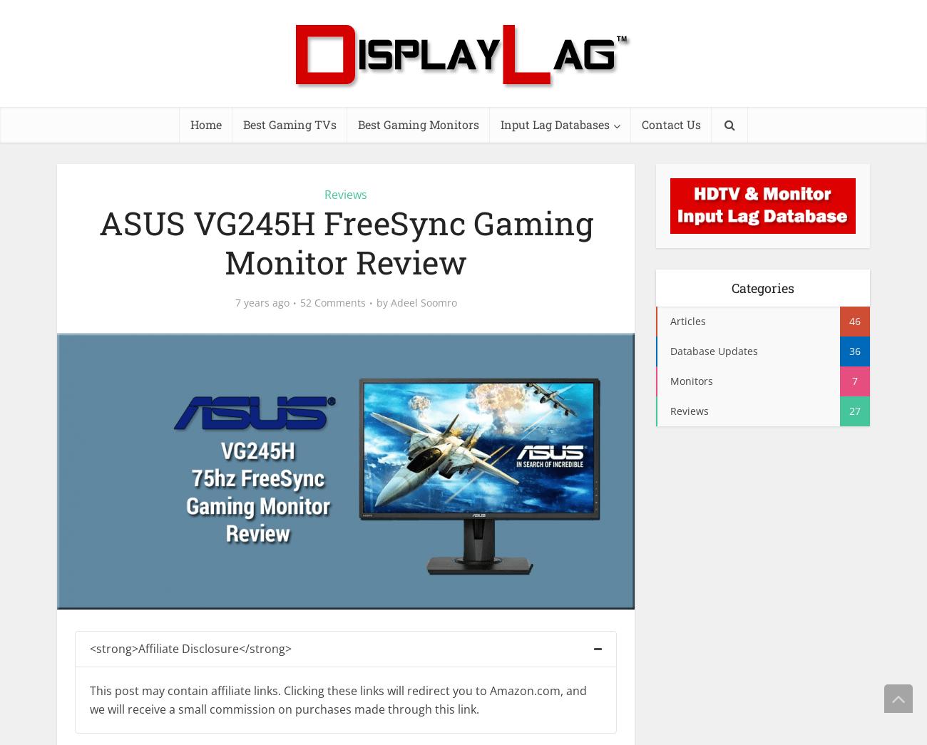 This screenshot has width=927, height=745. Describe the element at coordinates (687, 321) in the screenshot. I see `'Articles'` at that location.